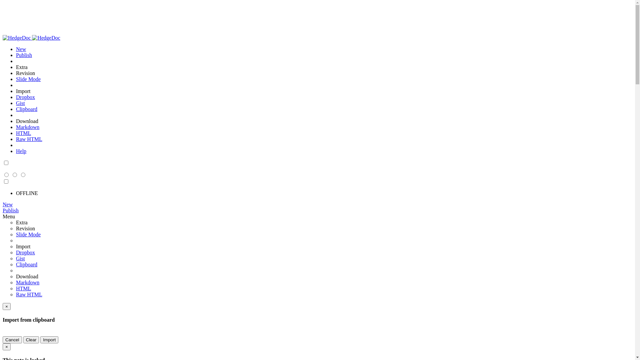  I want to click on 'New', so click(8, 204).